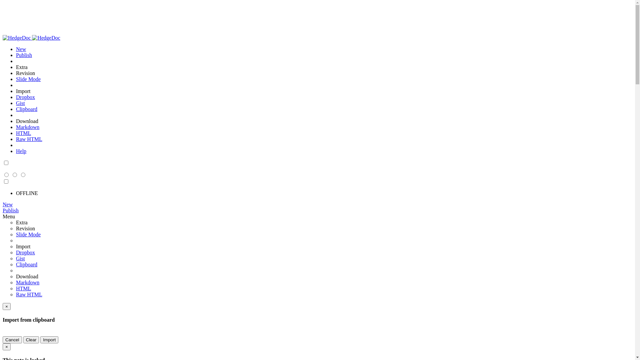  I want to click on 'New', so click(8, 204).